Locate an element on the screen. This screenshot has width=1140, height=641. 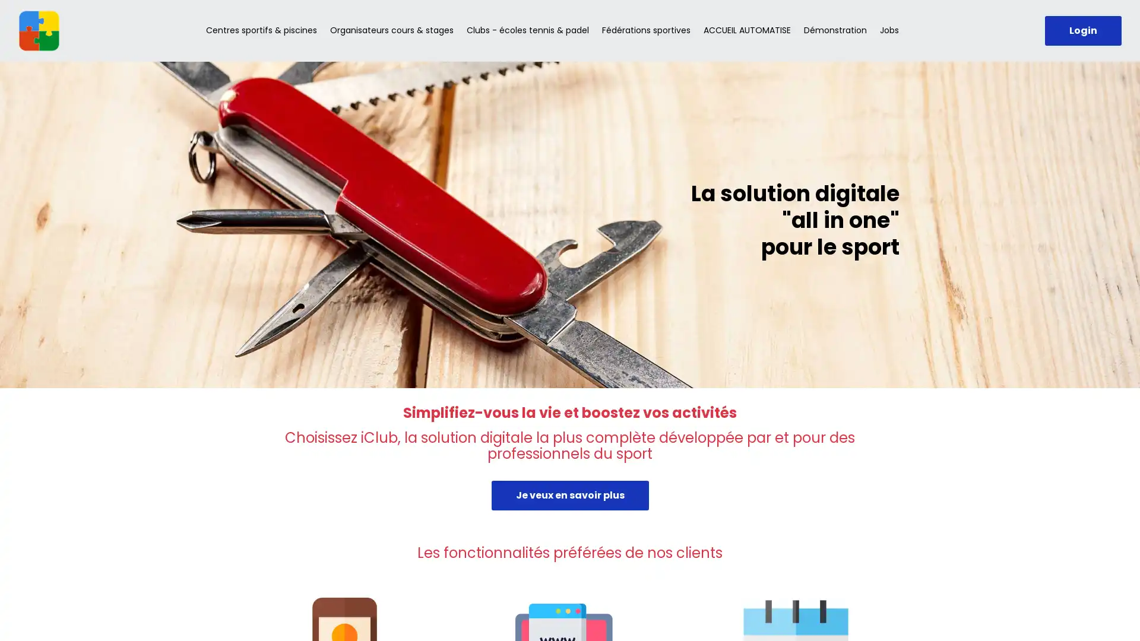
Jobs is located at coordinates (889, 30).